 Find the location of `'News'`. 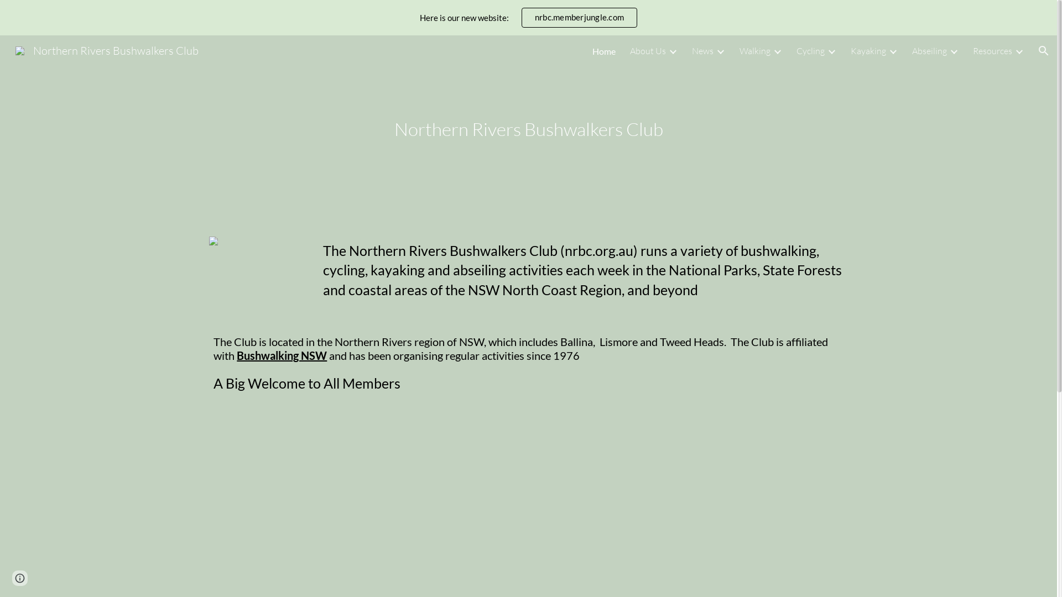

'News' is located at coordinates (702, 51).